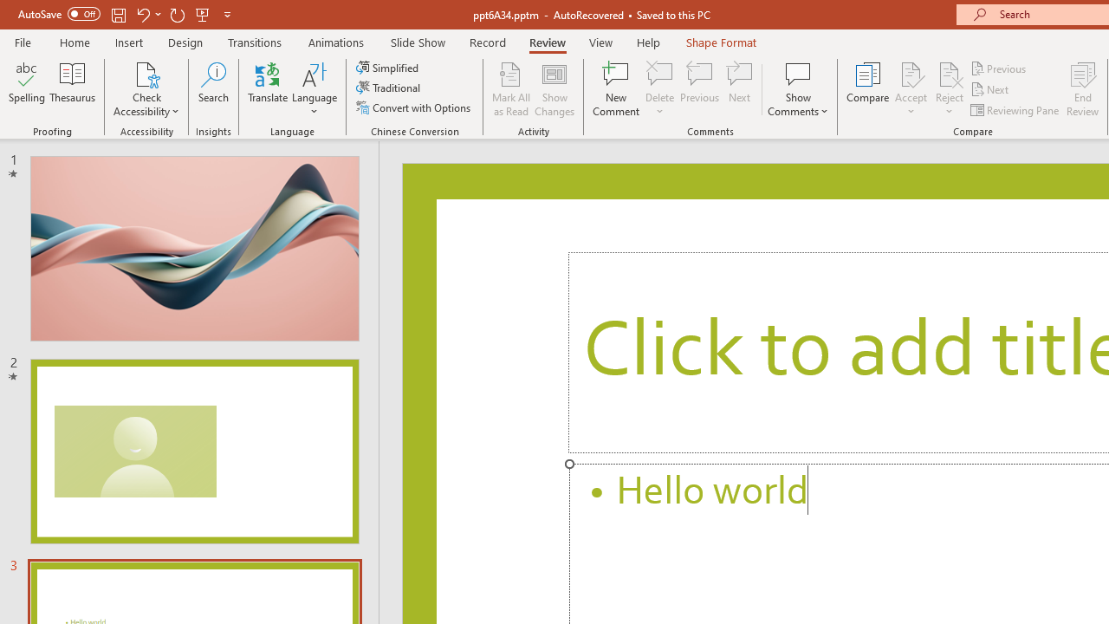 The width and height of the screenshot is (1109, 624). What do you see at coordinates (213, 89) in the screenshot?
I see `'Search'` at bounding box center [213, 89].